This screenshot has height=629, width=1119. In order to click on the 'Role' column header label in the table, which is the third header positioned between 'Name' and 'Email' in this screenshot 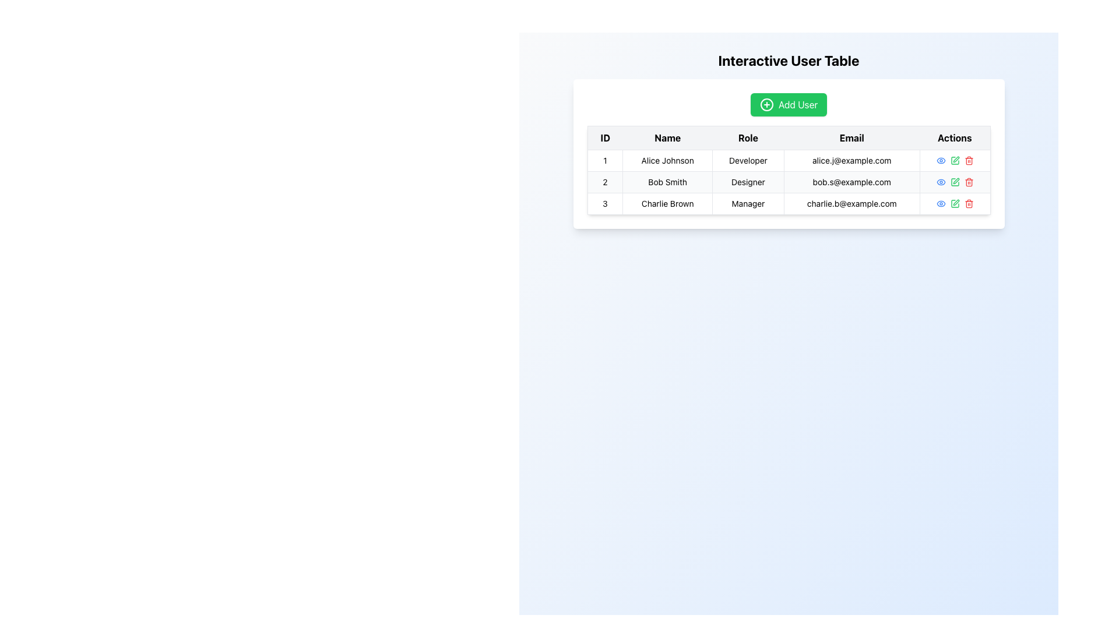, I will do `click(748, 137)`.